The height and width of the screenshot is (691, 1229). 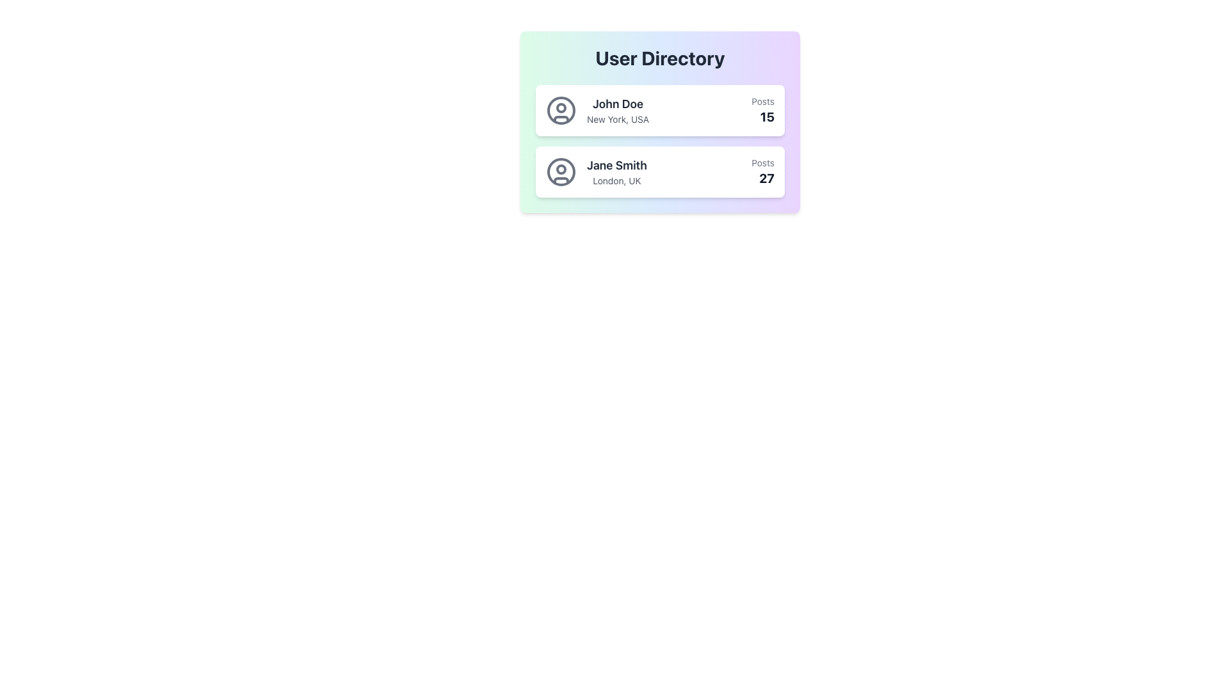 I want to click on the text label displaying 'Jane Smith', which is positioned above user location details and to the left of post count in the user information card layout, so click(x=617, y=164).